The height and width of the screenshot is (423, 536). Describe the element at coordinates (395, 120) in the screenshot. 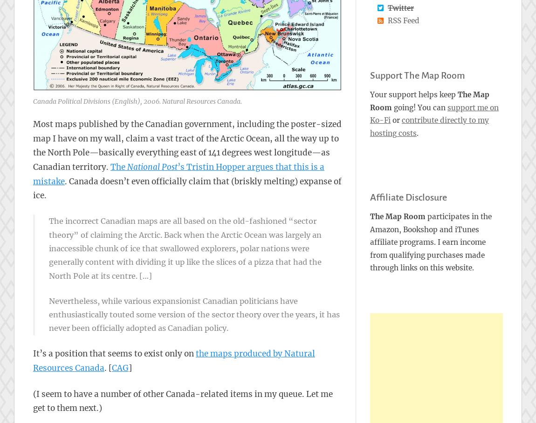

I see `'or'` at that location.